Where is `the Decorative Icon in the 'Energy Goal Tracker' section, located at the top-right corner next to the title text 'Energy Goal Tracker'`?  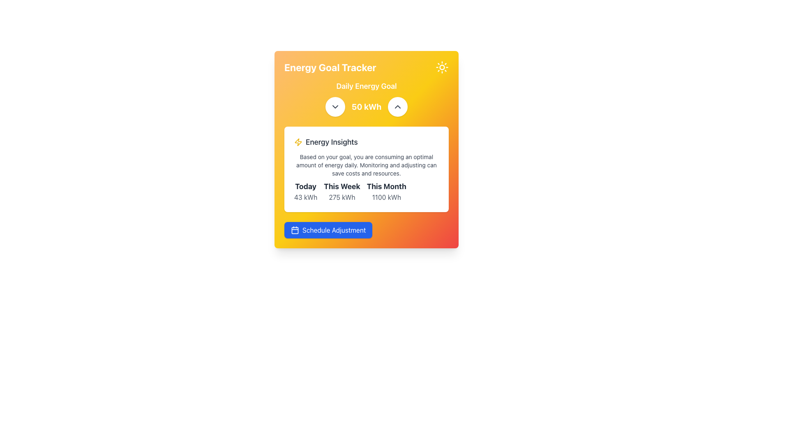 the Decorative Icon in the 'Energy Goal Tracker' section, located at the top-right corner next to the title text 'Energy Goal Tracker' is located at coordinates (441, 67).